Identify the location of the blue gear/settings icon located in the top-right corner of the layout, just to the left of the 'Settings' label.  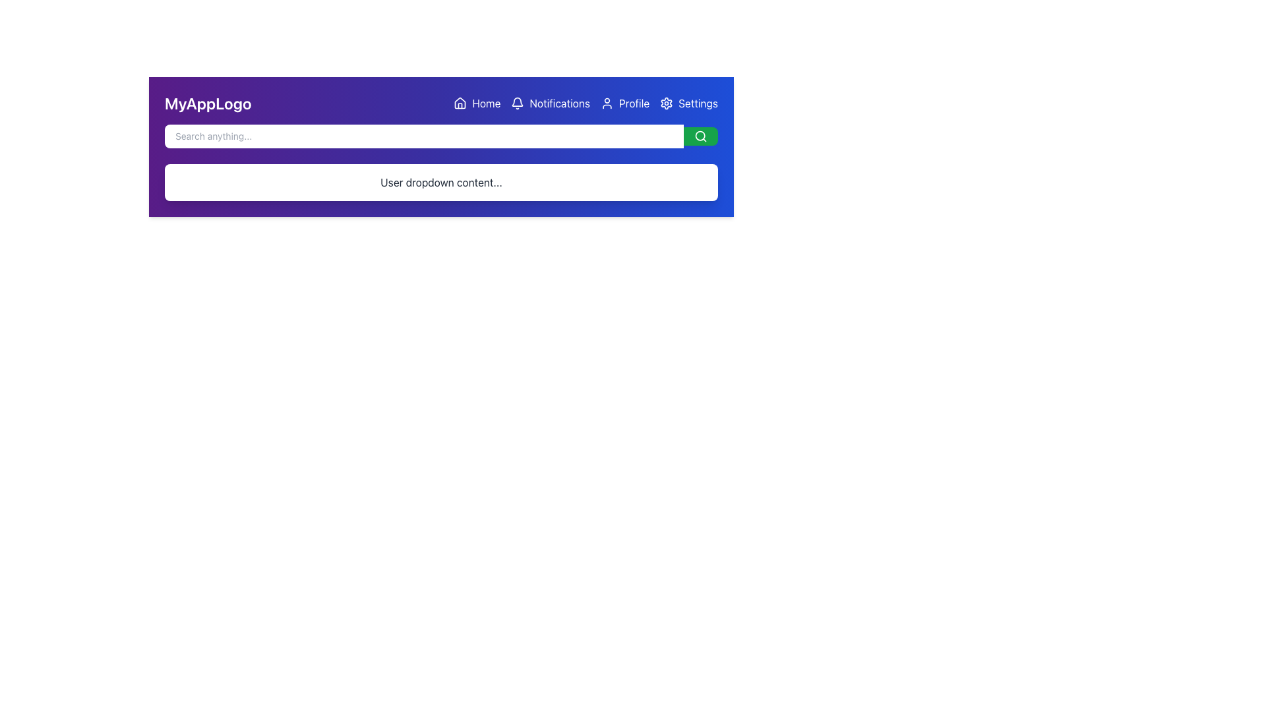
(667, 103).